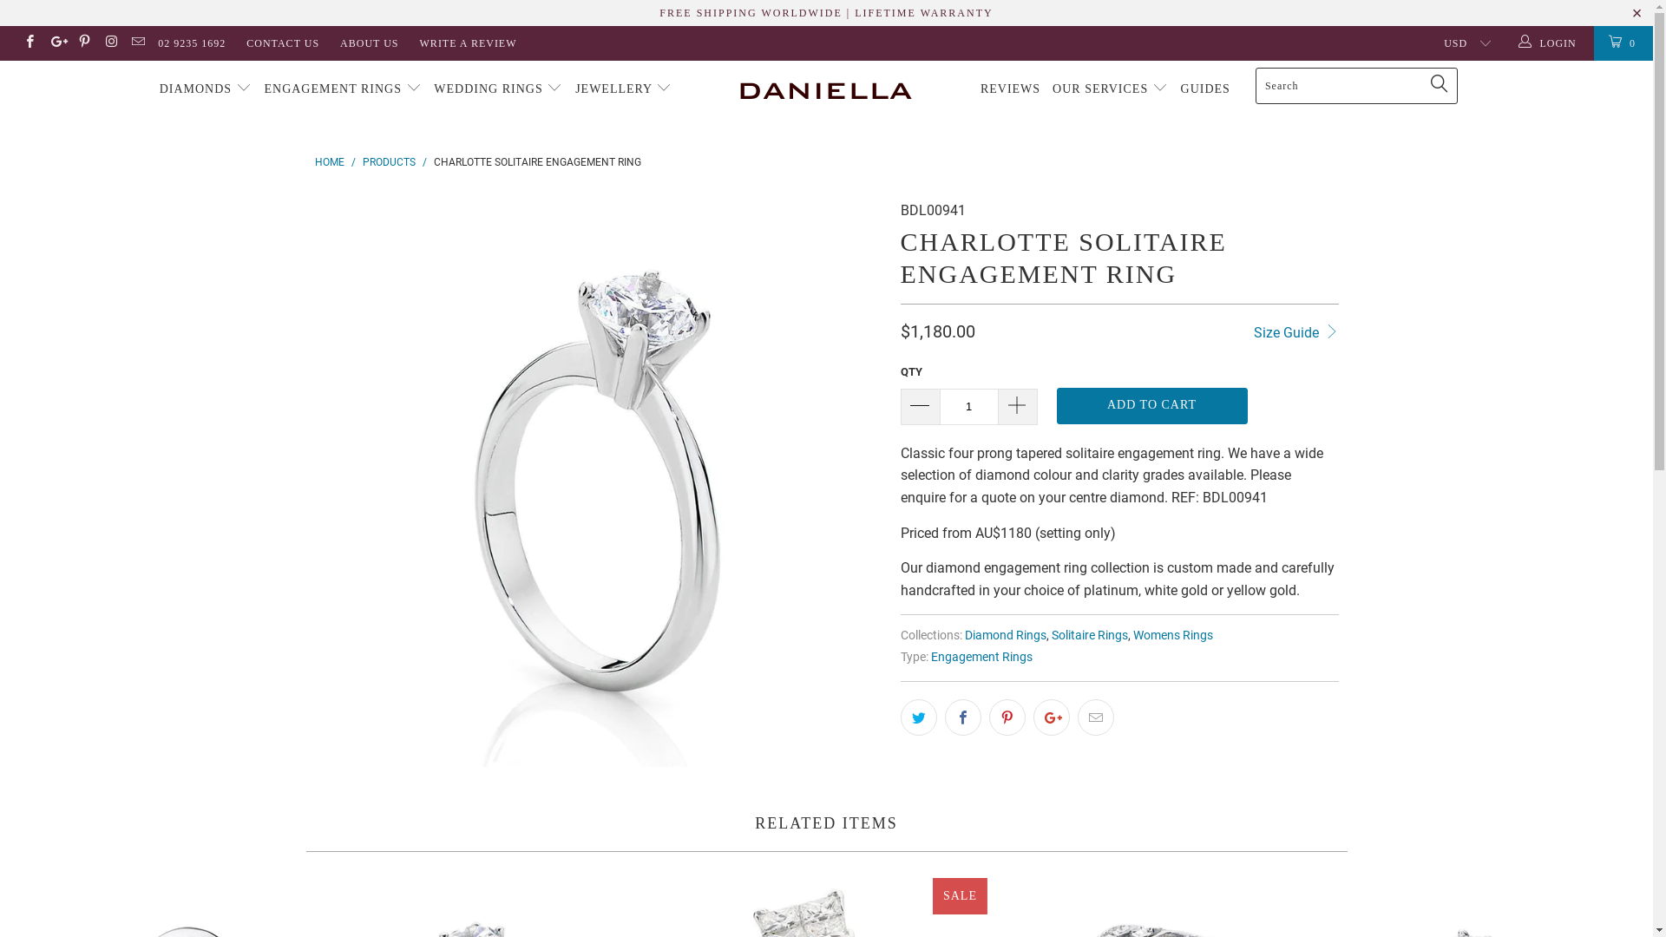 This screenshot has width=1666, height=937. I want to click on 'HOME', so click(329, 161).